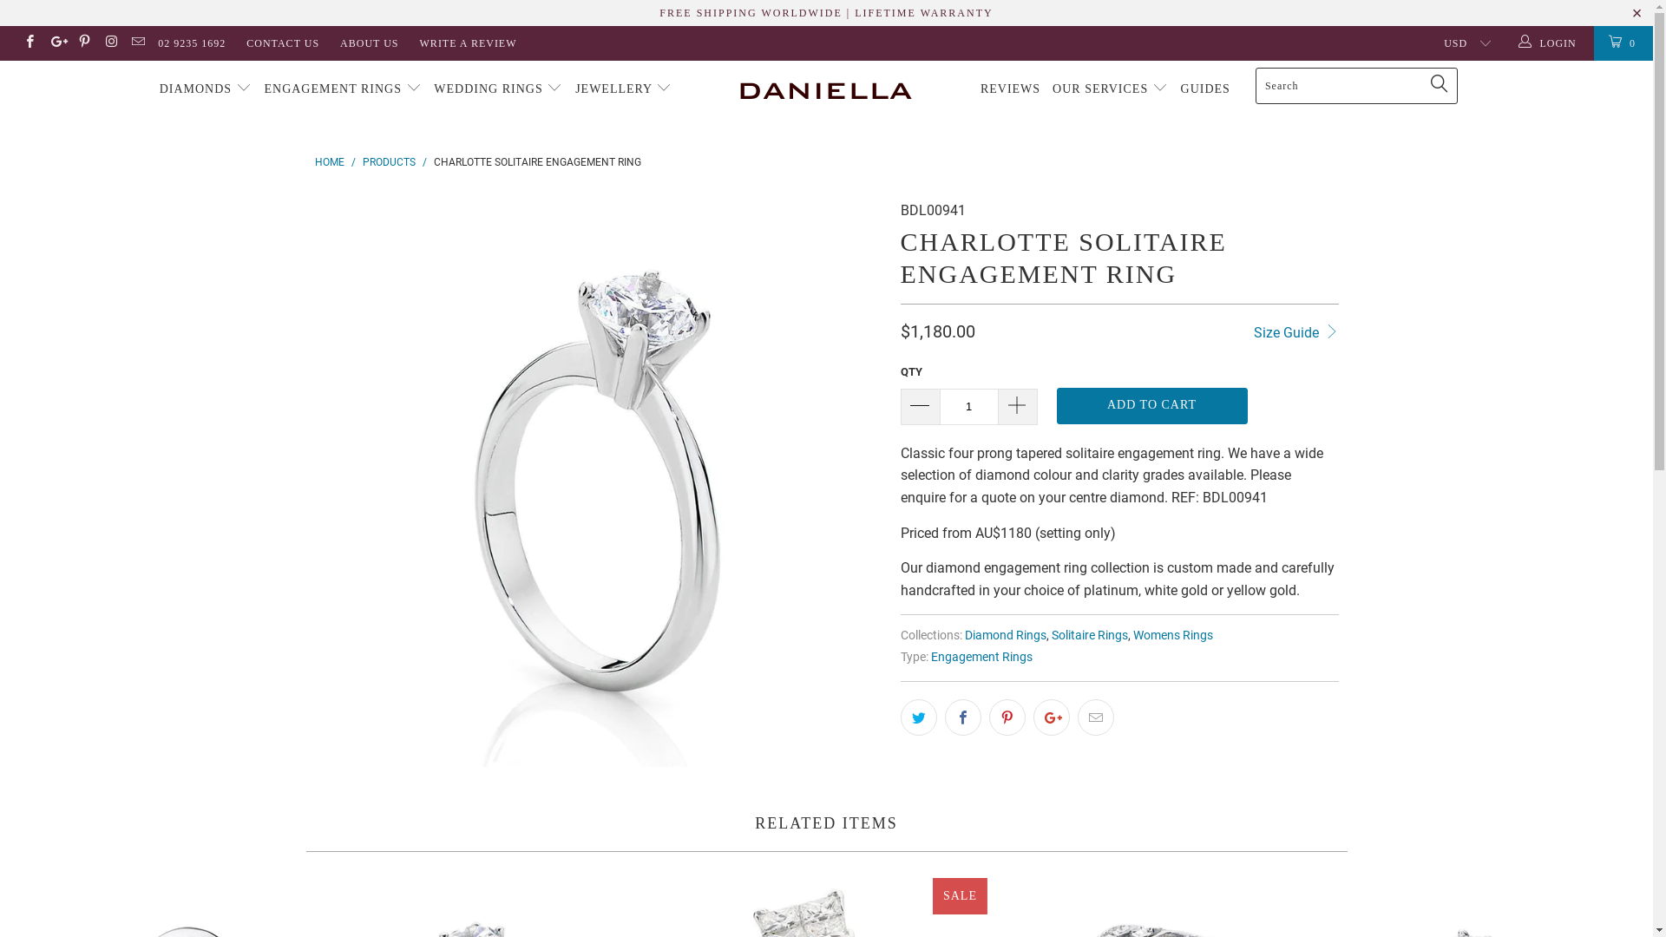 This screenshot has width=1666, height=937. I want to click on 'HOME', so click(329, 161).